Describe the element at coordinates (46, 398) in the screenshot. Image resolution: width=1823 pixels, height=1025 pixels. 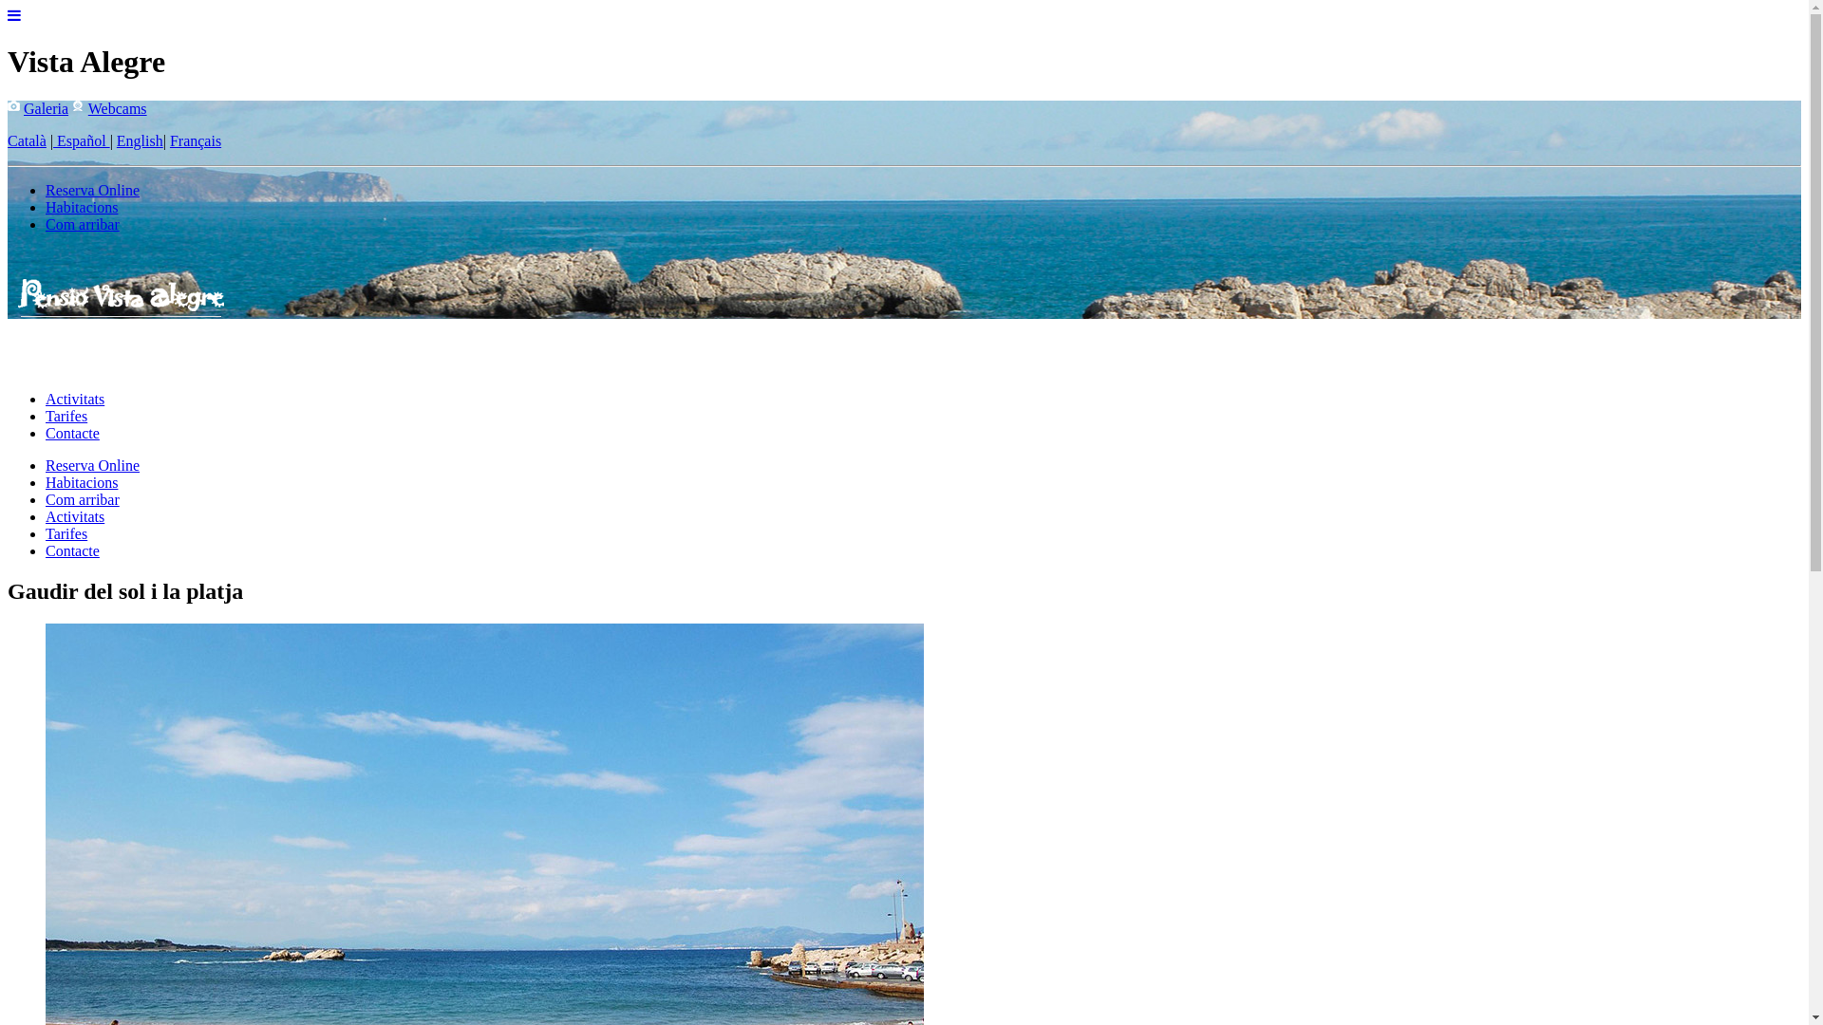
I see `'Activitats'` at that location.